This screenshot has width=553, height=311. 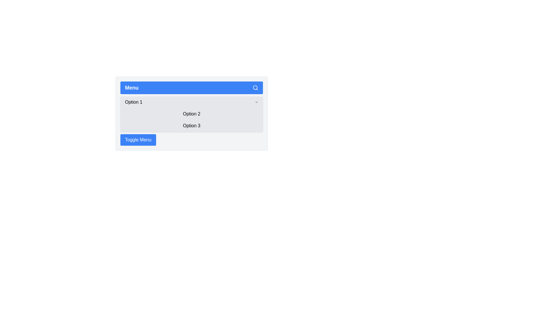 I want to click on one of the options within the Dropdown menu located below the 'Menu' header and above the 'Toggle Menu' button, which has a light gray background and rounded corners, so click(x=192, y=114).